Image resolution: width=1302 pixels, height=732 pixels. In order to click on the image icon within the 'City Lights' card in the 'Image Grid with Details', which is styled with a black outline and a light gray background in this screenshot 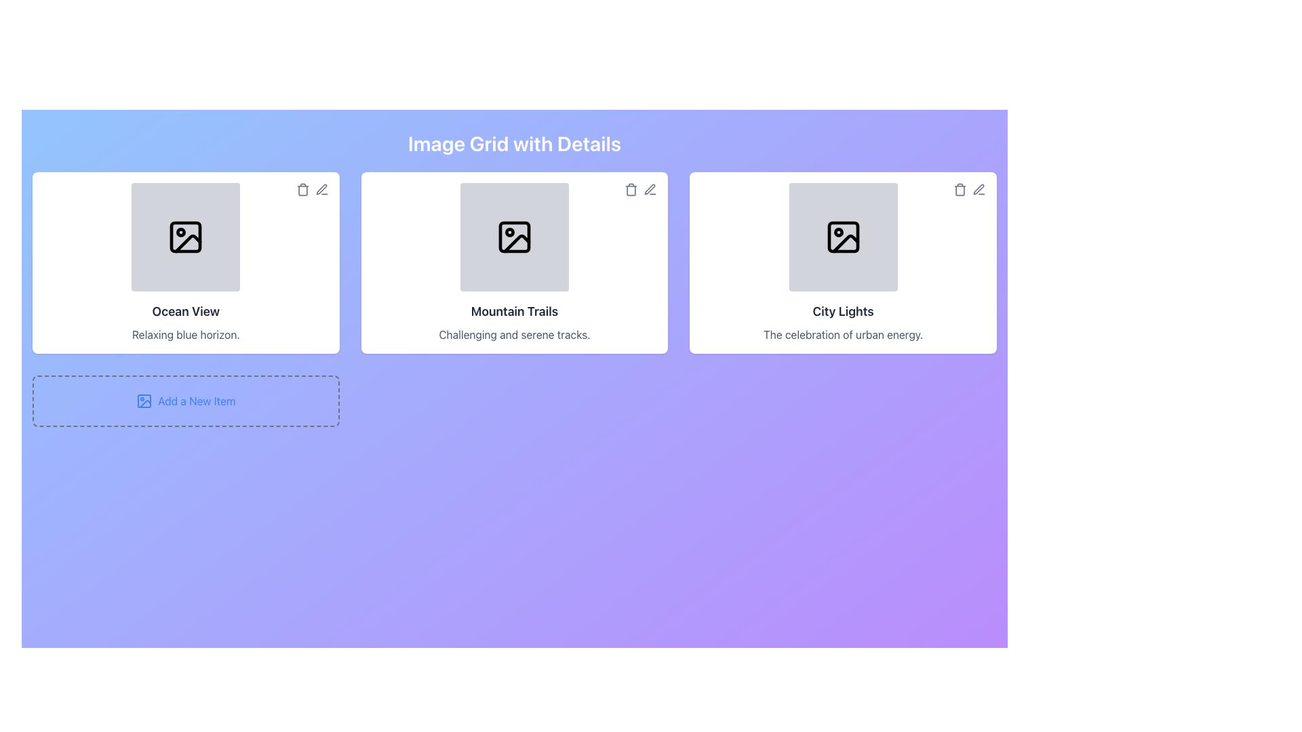, I will do `click(842, 237)`.